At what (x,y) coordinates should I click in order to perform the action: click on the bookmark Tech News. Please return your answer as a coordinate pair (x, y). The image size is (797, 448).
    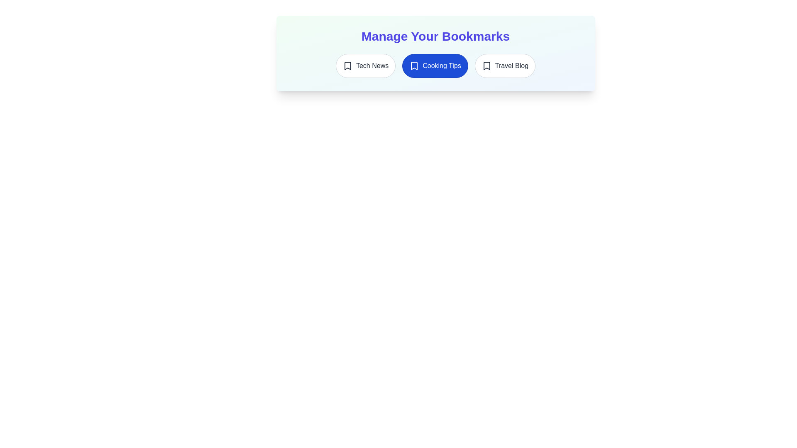
    Looking at the image, I should click on (365, 65).